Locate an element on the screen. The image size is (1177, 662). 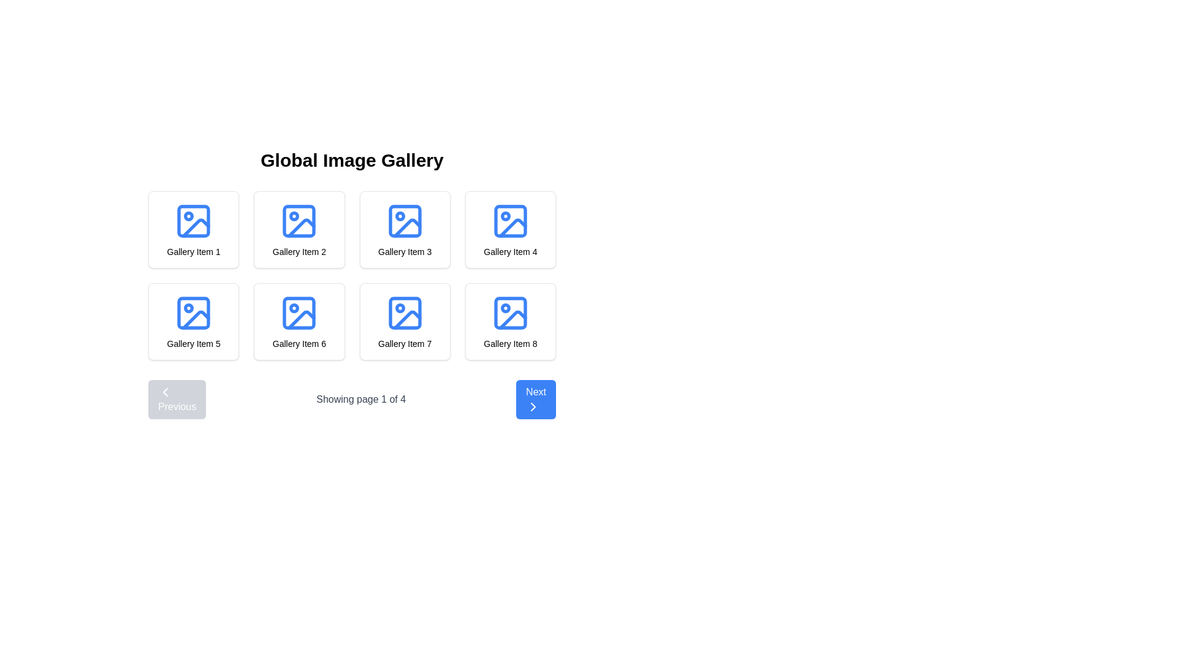
the rectangular shape with rounded corners in the SVG component, which represents 'Gallery Item 4' in the top-right image box of the grid is located at coordinates (510, 221).